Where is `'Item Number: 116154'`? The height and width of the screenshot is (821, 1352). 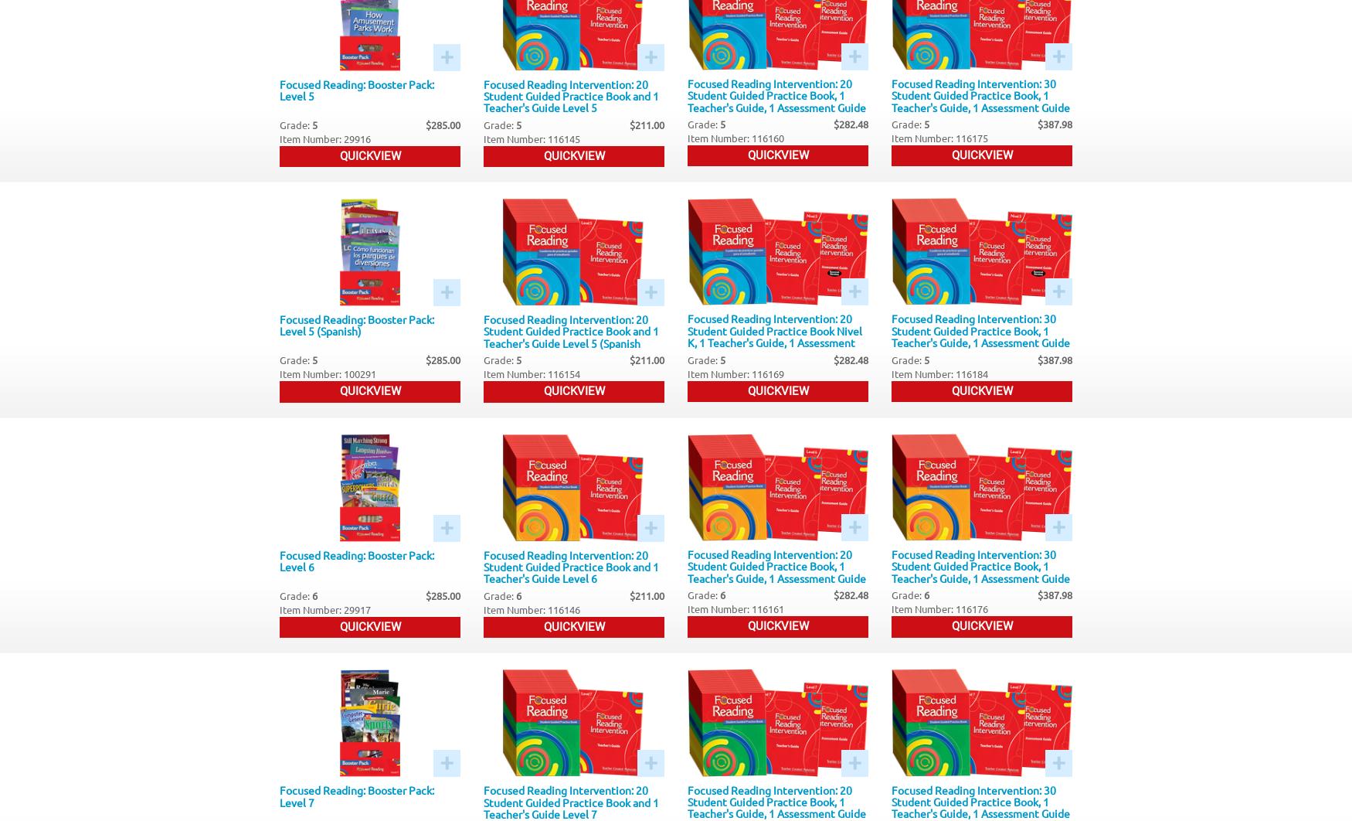 'Item Number: 116154' is located at coordinates (483, 373).